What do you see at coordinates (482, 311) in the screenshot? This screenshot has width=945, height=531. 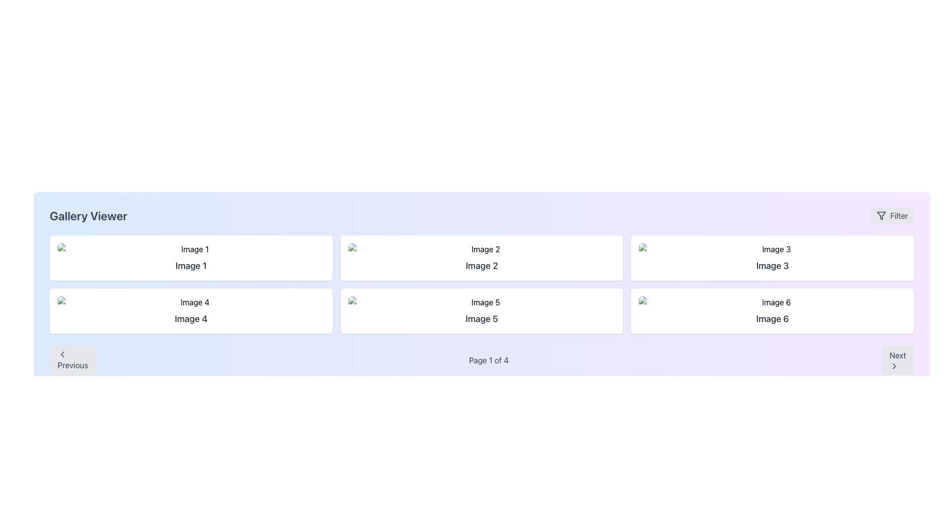 I see `the Card with image and text located in the second row and second column of the grid layout, positioned centrally between 'Image 4' and 'Image 6'` at bounding box center [482, 311].